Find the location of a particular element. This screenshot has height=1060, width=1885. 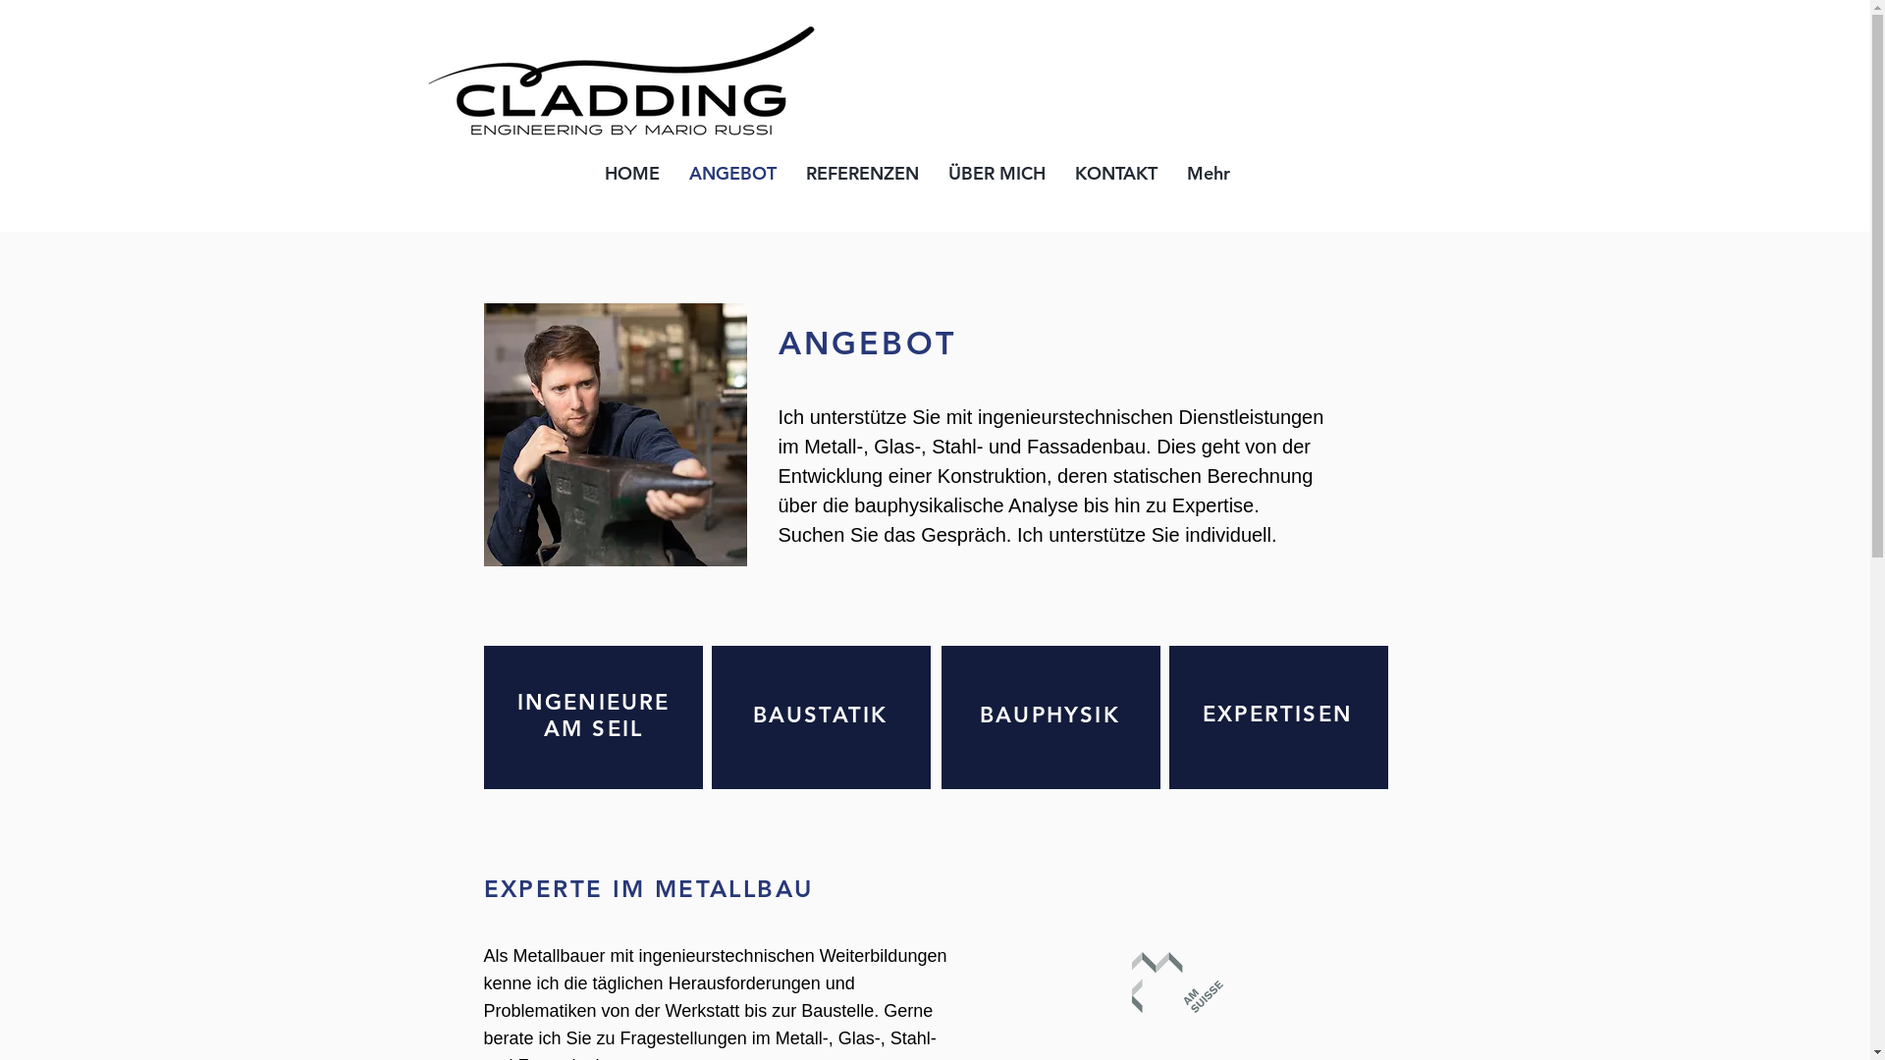

'KONTAKT' is located at coordinates (1116, 181).